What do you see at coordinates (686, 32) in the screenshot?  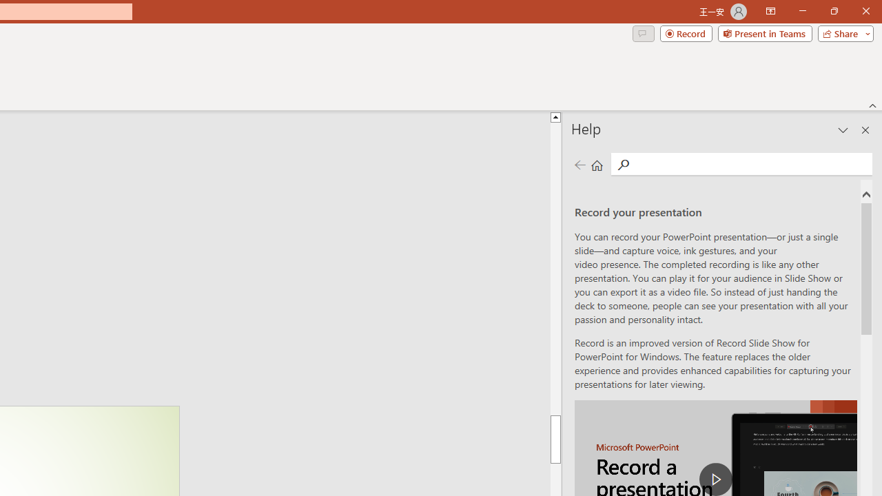 I see `'Record'` at bounding box center [686, 32].